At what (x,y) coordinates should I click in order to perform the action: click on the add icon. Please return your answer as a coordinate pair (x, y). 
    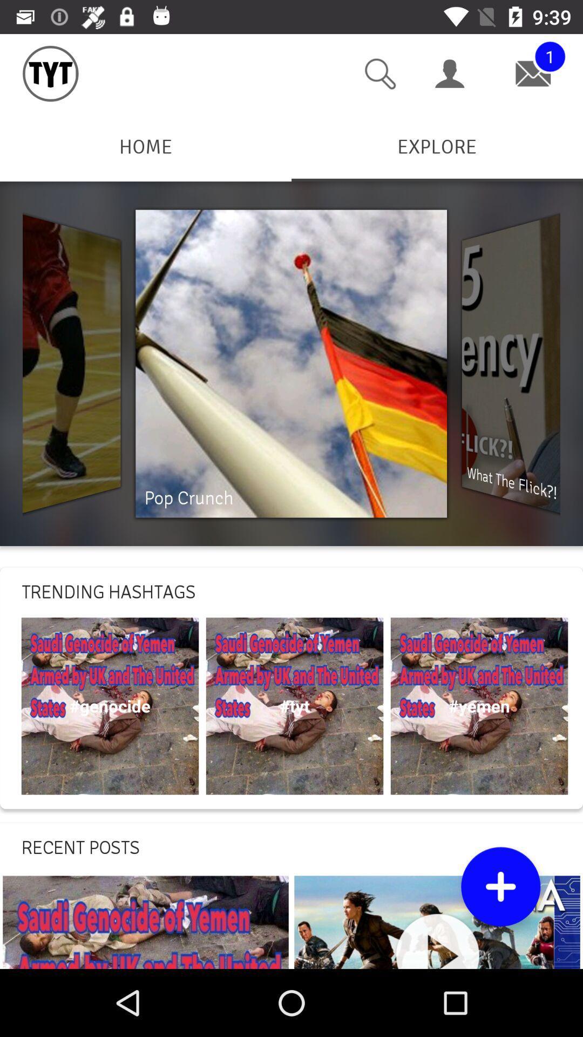
    Looking at the image, I should click on (500, 886).